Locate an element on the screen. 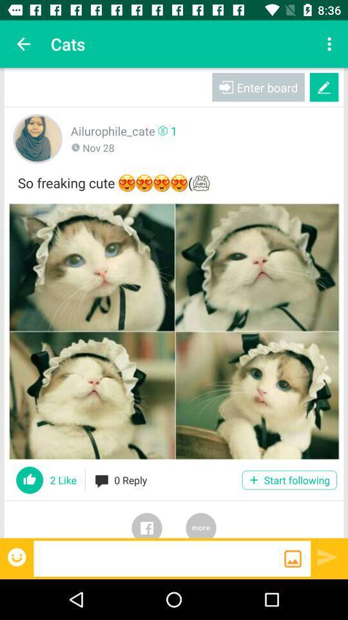  so freaking cute icon is located at coordinates (174, 180).